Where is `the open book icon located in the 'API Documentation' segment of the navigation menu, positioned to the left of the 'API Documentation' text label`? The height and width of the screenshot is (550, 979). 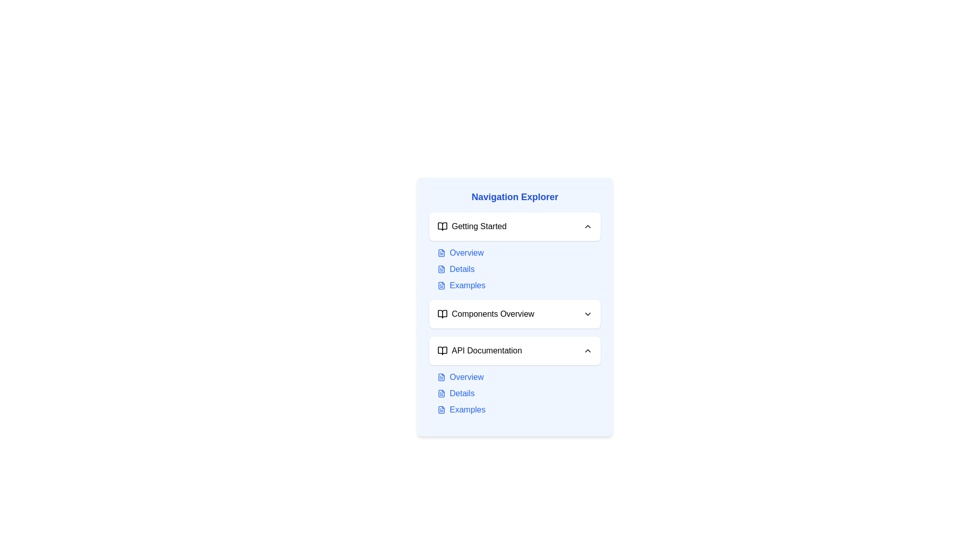
the open book icon located in the 'API Documentation' segment of the navigation menu, positioned to the left of the 'API Documentation' text label is located at coordinates (443, 350).